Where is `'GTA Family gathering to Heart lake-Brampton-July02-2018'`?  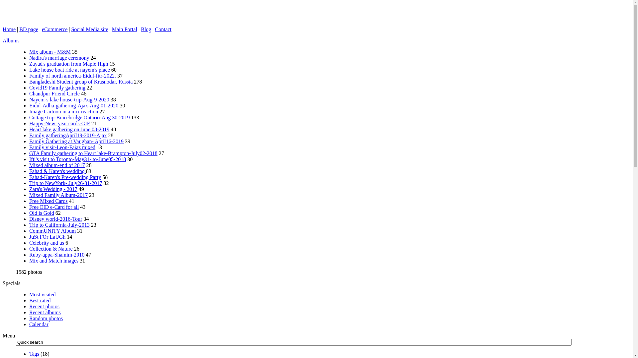
'GTA Family gathering to Heart lake-Brampton-July02-2018' is located at coordinates (93, 153).